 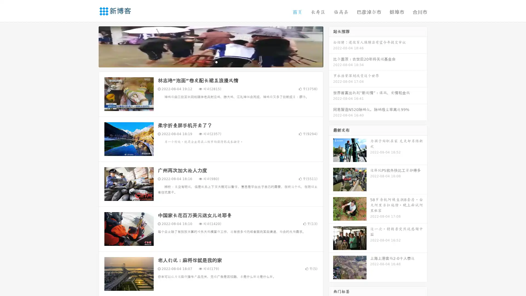 What do you see at coordinates (90, 46) in the screenshot?
I see `Previous slide` at bounding box center [90, 46].